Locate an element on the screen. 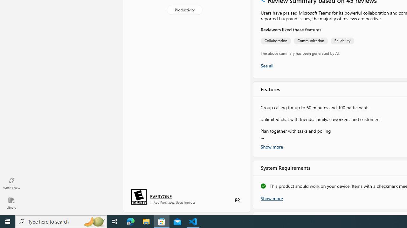  'Share' is located at coordinates (237, 200).